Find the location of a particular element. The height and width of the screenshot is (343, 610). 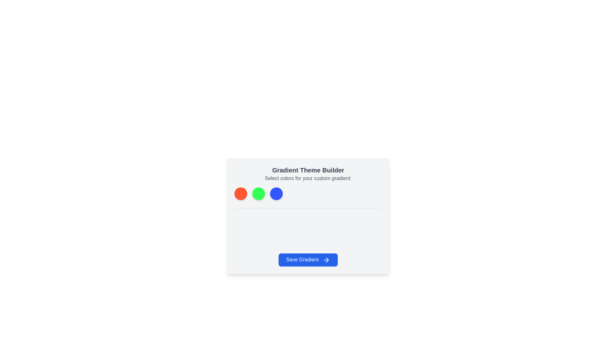

the static text element that provides instructions for the color options in the Gradient Theme Builder, which is positioned directly below the title and above the color buttons is located at coordinates (308, 178).